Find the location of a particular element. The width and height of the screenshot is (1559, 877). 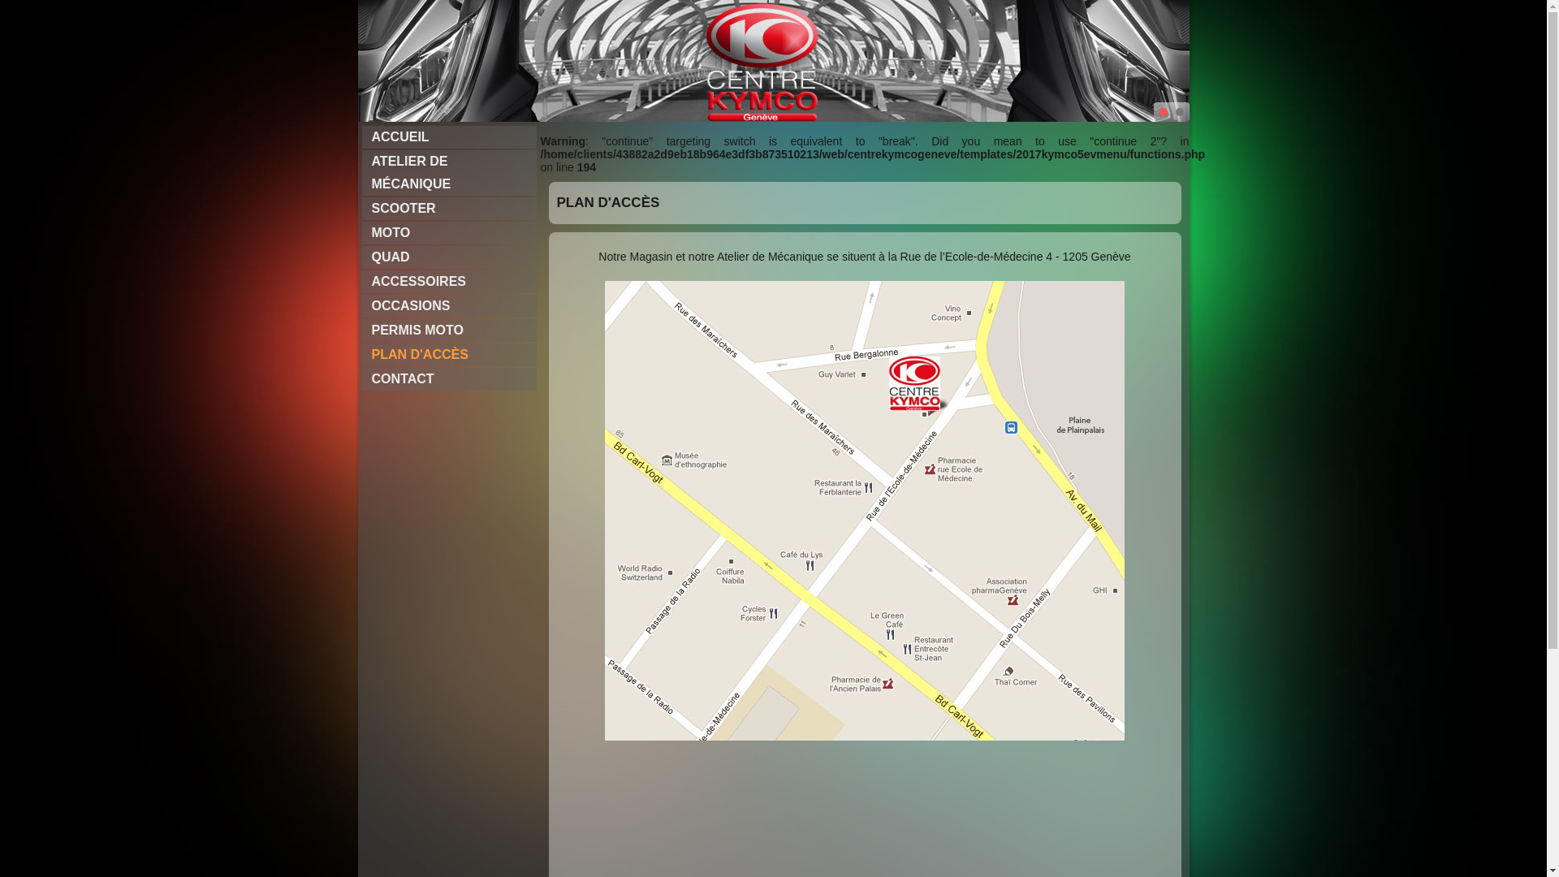

'OCCASIONS' is located at coordinates (449, 306).